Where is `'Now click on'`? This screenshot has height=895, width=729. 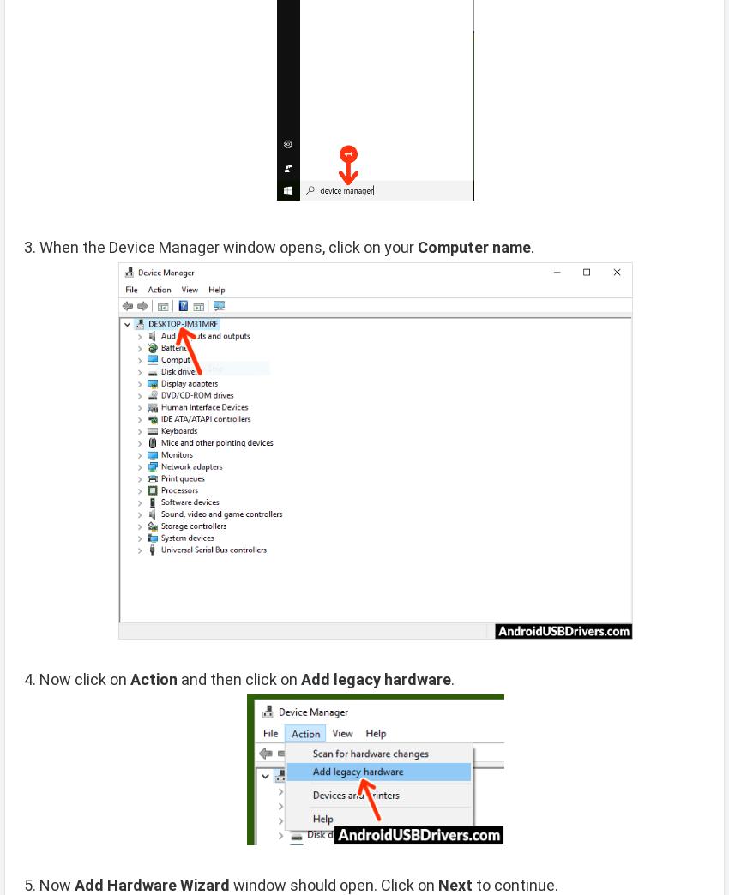
'Now click on' is located at coordinates (84, 677).